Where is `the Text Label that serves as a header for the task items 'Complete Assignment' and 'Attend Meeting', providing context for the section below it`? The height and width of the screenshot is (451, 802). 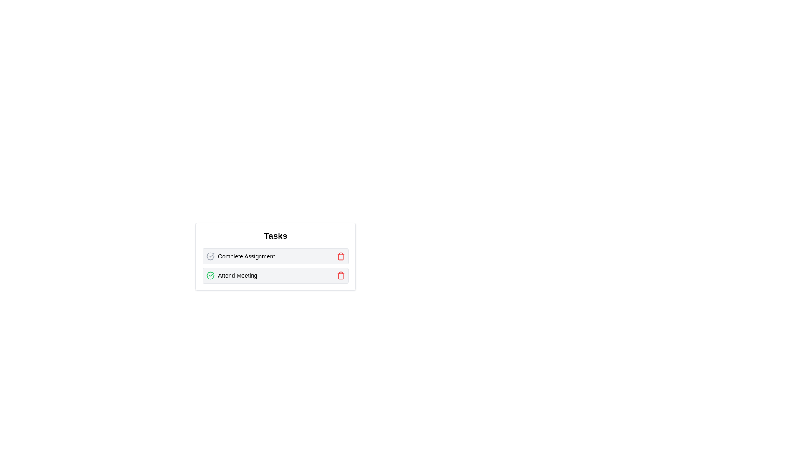 the Text Label that serves as a header for the task items 'Complete Assignment' and 'Attend Meeting', providing context for the section below it is located at coordinates (276, 236).